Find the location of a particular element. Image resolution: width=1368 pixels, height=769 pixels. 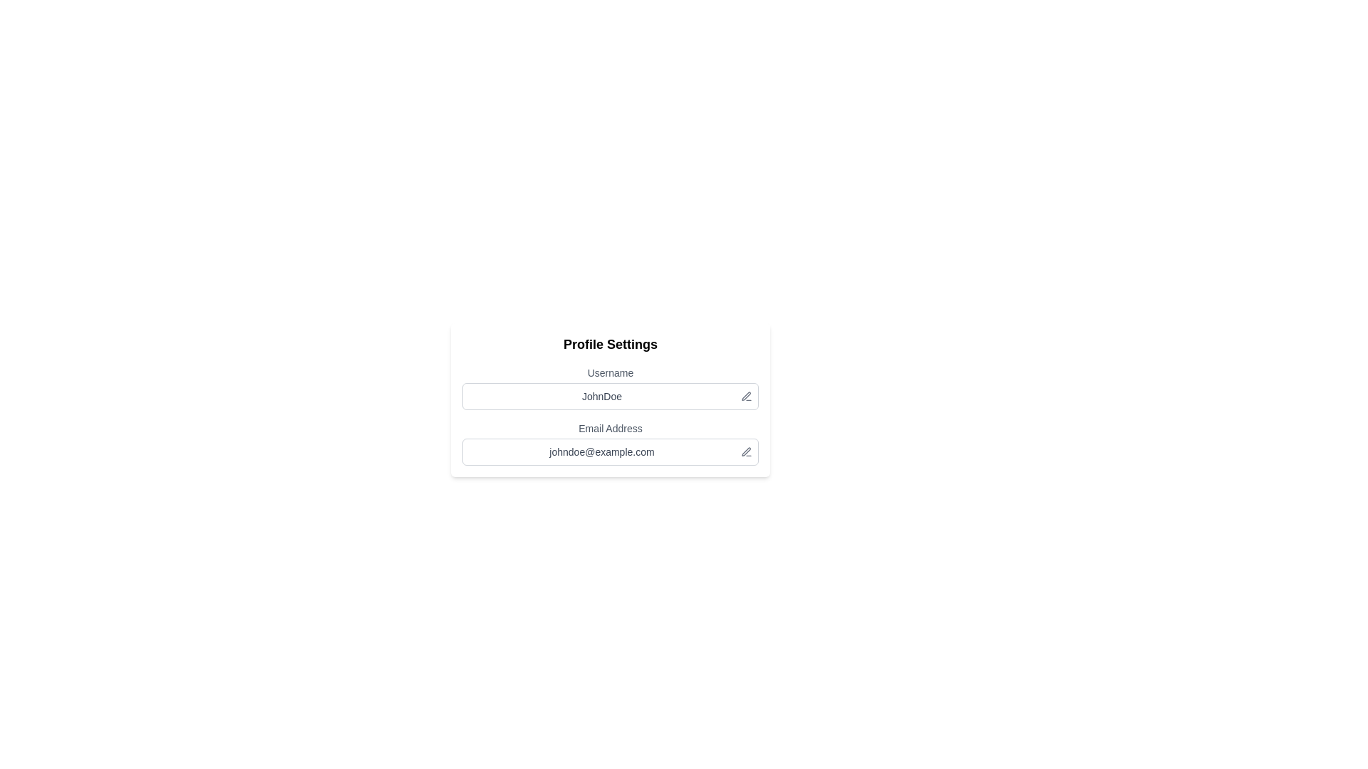

the static text element that displays the current username, located within the profile settings section, positioned between the 'Username' label and the 'Email Address' field is located at coordinates (601, 396).